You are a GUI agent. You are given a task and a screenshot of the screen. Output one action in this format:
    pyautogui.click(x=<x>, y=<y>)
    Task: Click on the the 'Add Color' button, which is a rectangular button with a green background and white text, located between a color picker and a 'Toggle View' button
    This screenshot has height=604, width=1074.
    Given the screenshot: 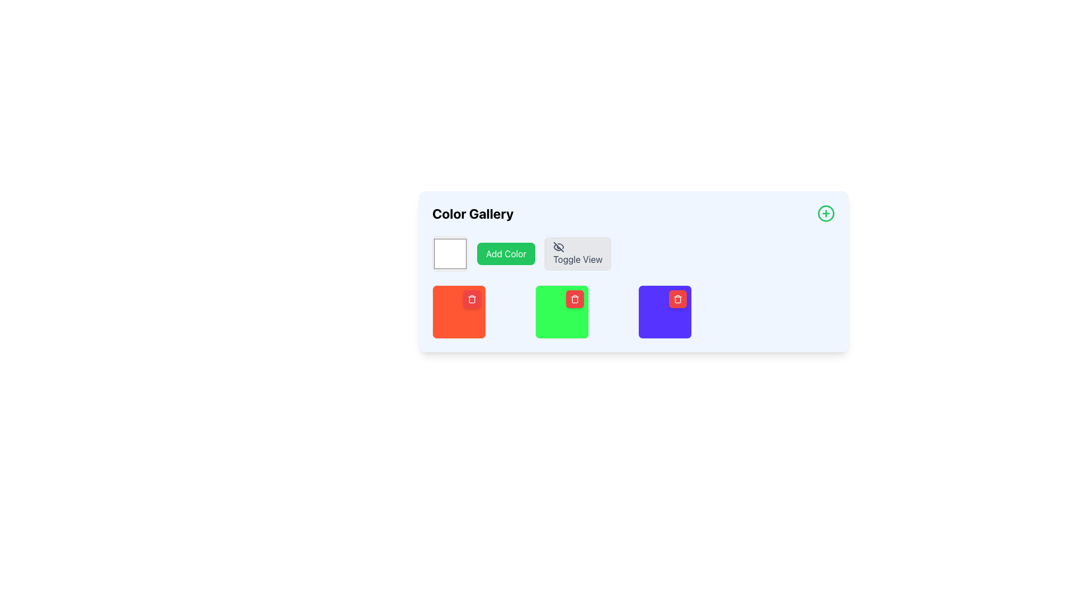 What is the action you would take?
    pyautogui.click(x=506, y=254)
    